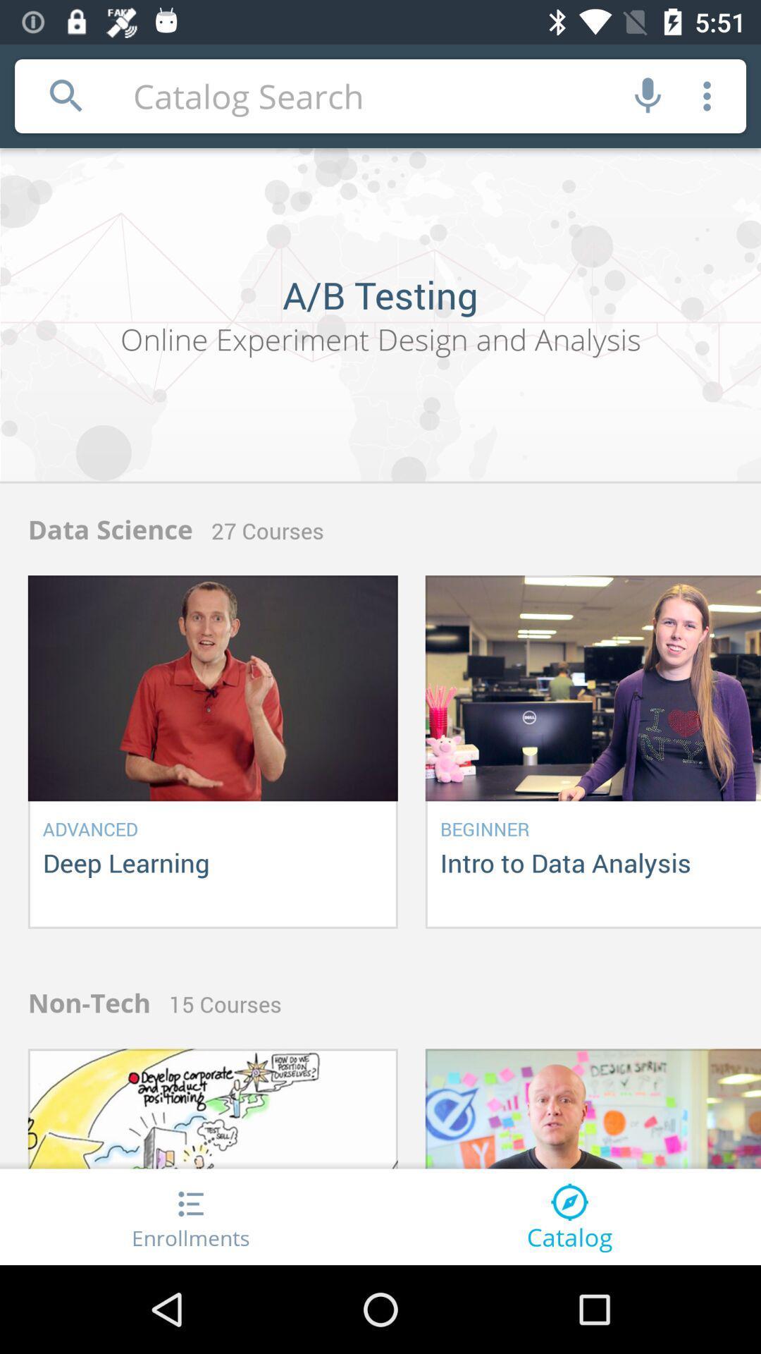 The height and width of the screenshot is (1354, 761). I want to click on drop down menu, so click(707, 95).